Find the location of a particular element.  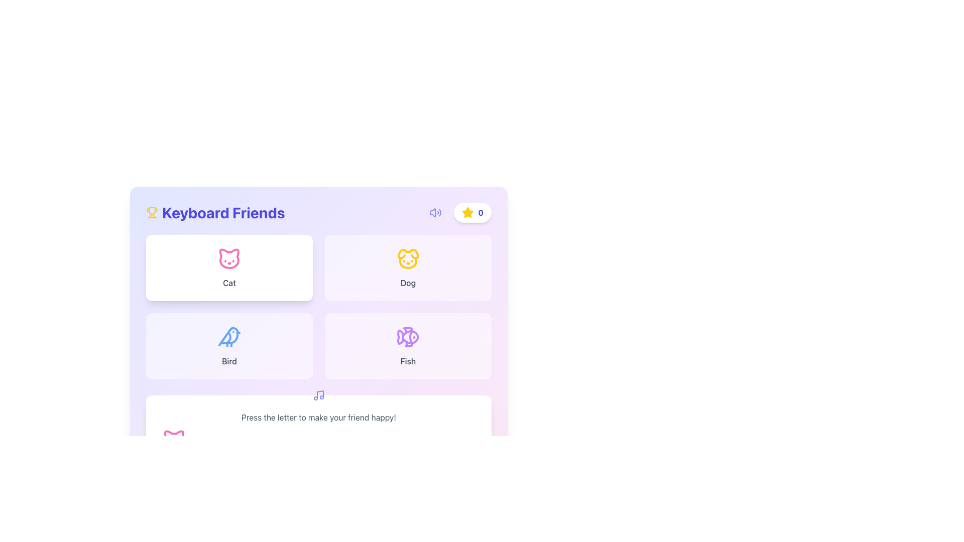

the volume icon with a speaker symbol emitting waves, which is styled with a stroke and soft indigo color, located in the top-right corner of the panel is located at coordinates (436, 212).